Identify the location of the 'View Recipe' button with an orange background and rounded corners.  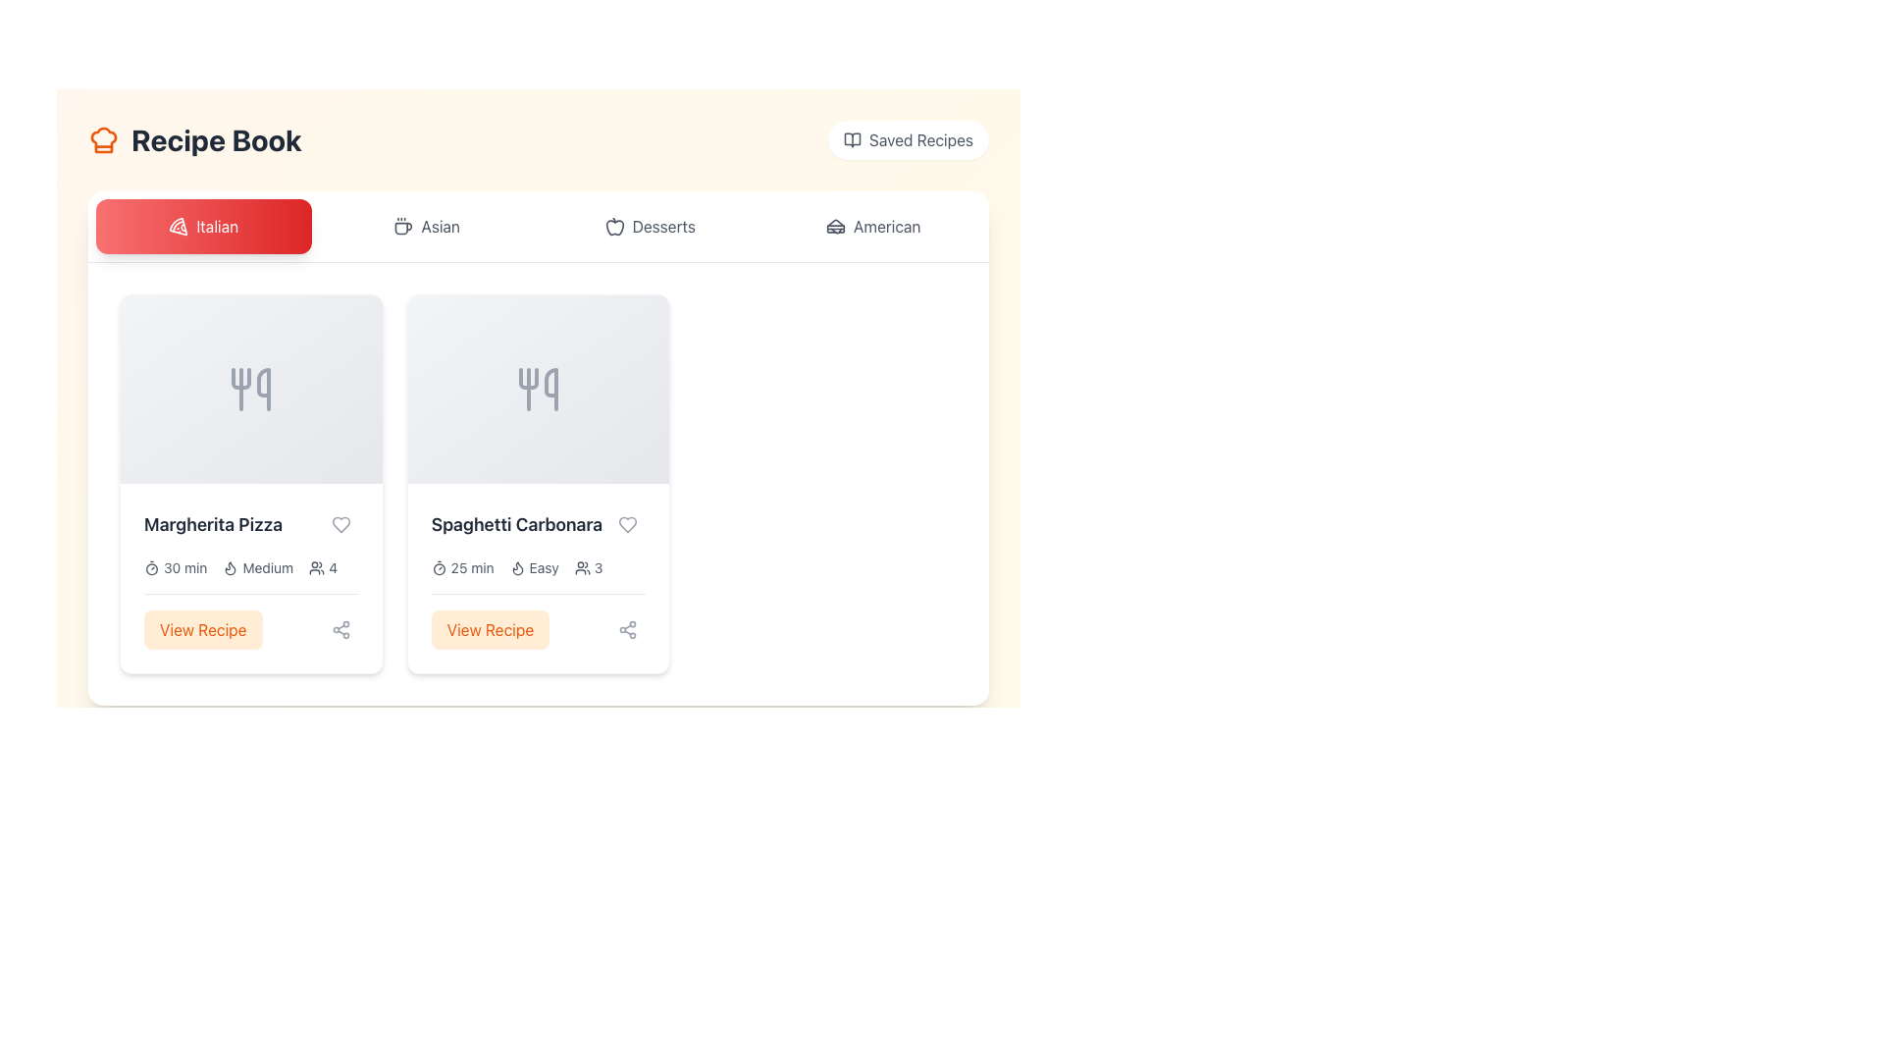
(250, 621).